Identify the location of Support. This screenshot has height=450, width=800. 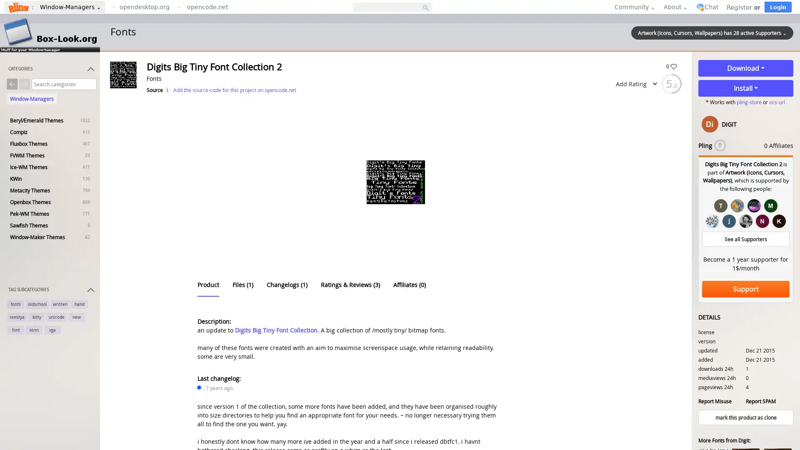
(746, 289).